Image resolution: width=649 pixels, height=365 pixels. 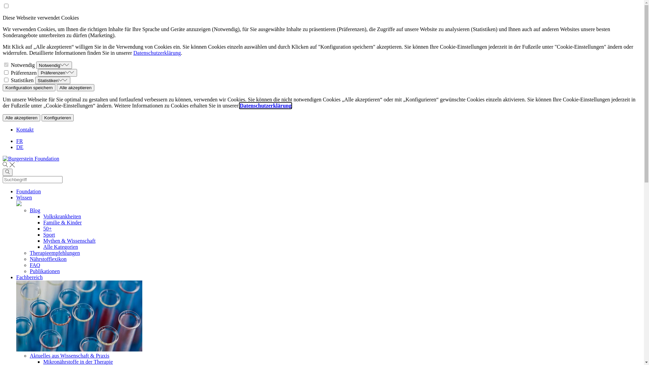 What do you see at coordinates (62, 216) in the screenshot?
I see `'Volkskrankheiten'` at bounding box center [62, 216].